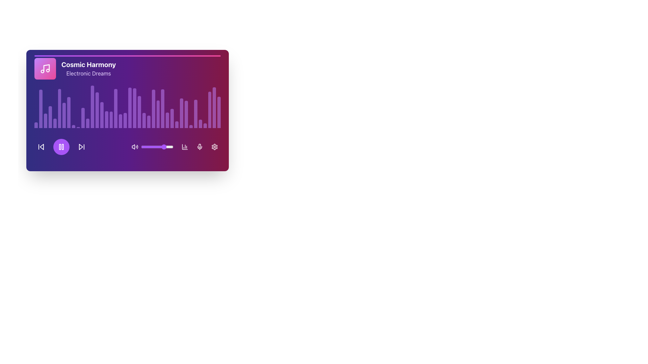 This screenshot has width=648, height=364. What do you see at coordinates (40, 109) in the screenshot?
I see `the second vertical bar in the graphic equalizer display, which represents audio levels for the song 'Electronic Dreams' in the music player` at bounding box center [40, 109].